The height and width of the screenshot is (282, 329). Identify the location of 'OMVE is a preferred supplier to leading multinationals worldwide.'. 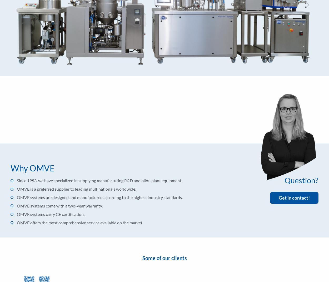
(76, 189).